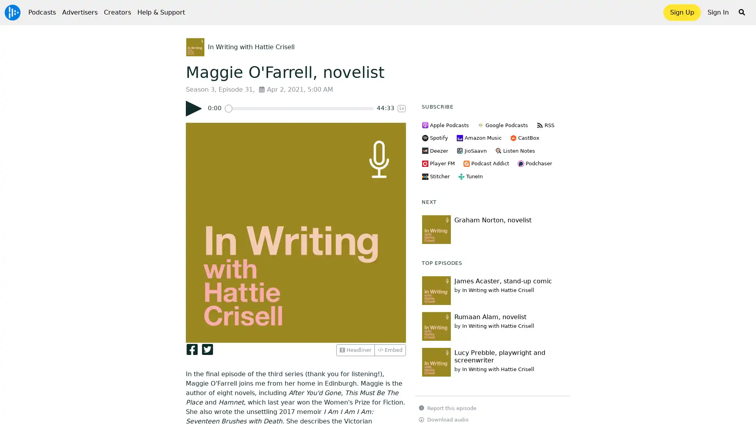  I want to click on play, so click(193, 109).